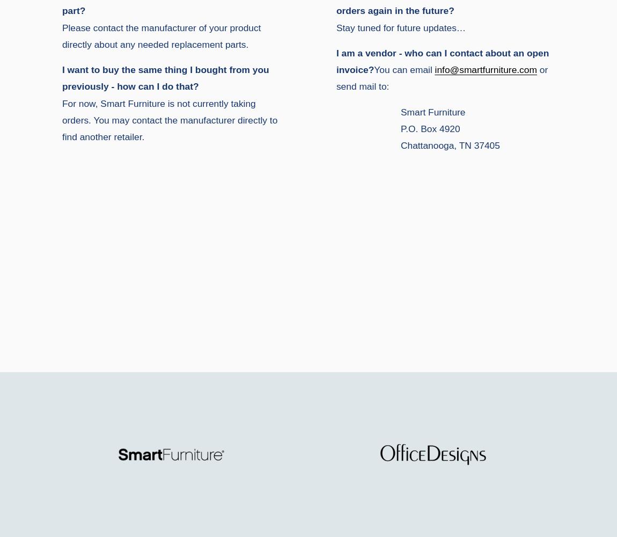 The height and width of the screenshot is (537, 617). What do you see at coordinates (486, 70) in the screenshot?
I see `'info@smartfurniture.com'` at bounding box center [486, 70].